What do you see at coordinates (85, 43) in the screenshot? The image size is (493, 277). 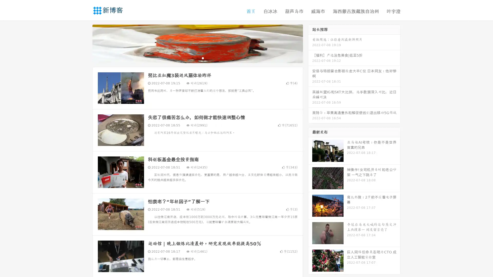 I see `Previous slide` at bounding box center [85, 43].